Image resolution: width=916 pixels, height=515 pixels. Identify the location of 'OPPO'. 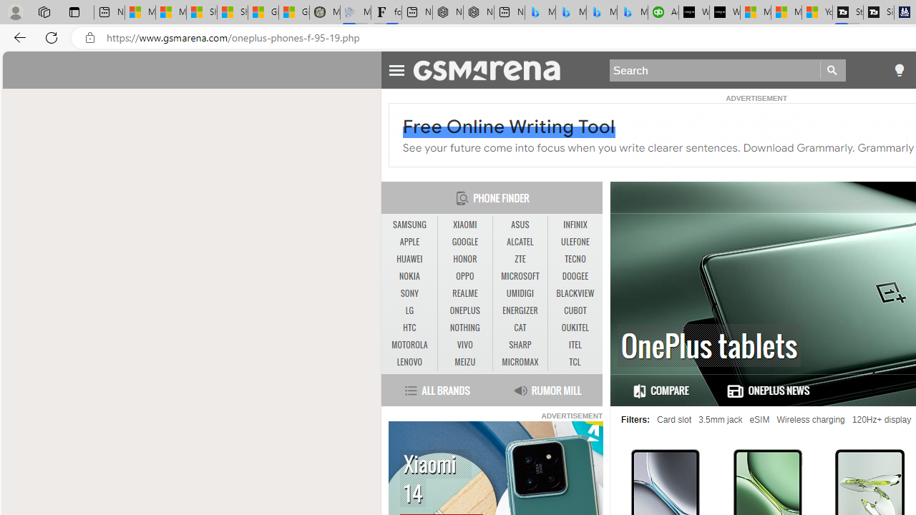
(464, 276).